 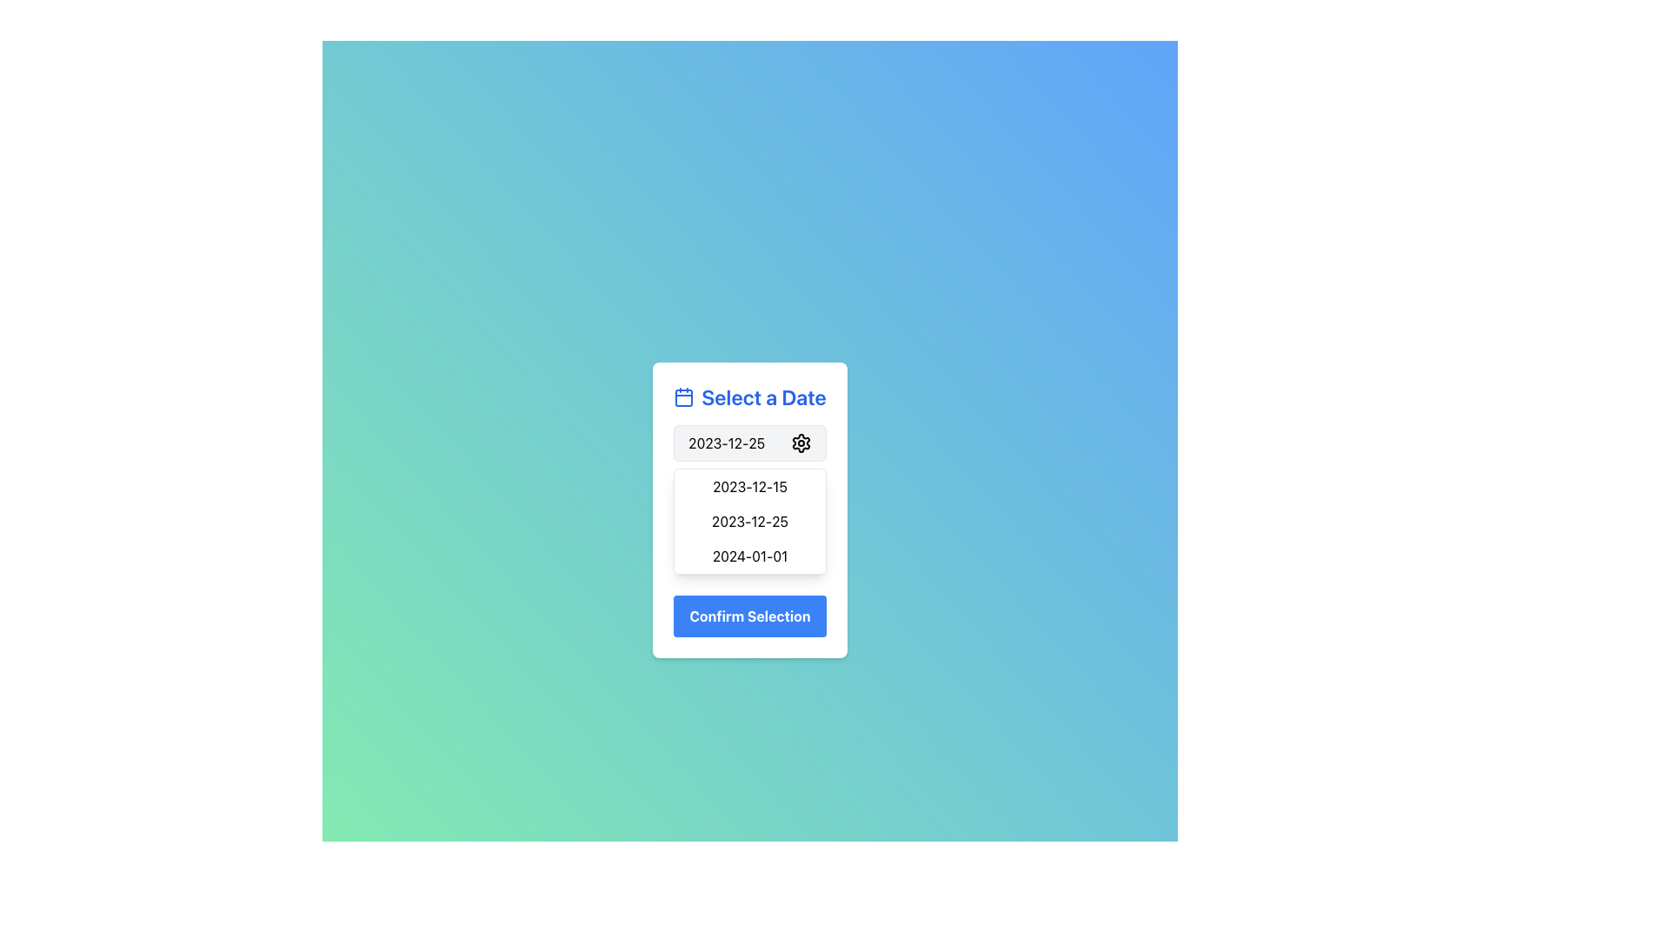 I want to click on the date entry labeled '2023-12-15' in the dropdown menu, so click(x=750, y=486).